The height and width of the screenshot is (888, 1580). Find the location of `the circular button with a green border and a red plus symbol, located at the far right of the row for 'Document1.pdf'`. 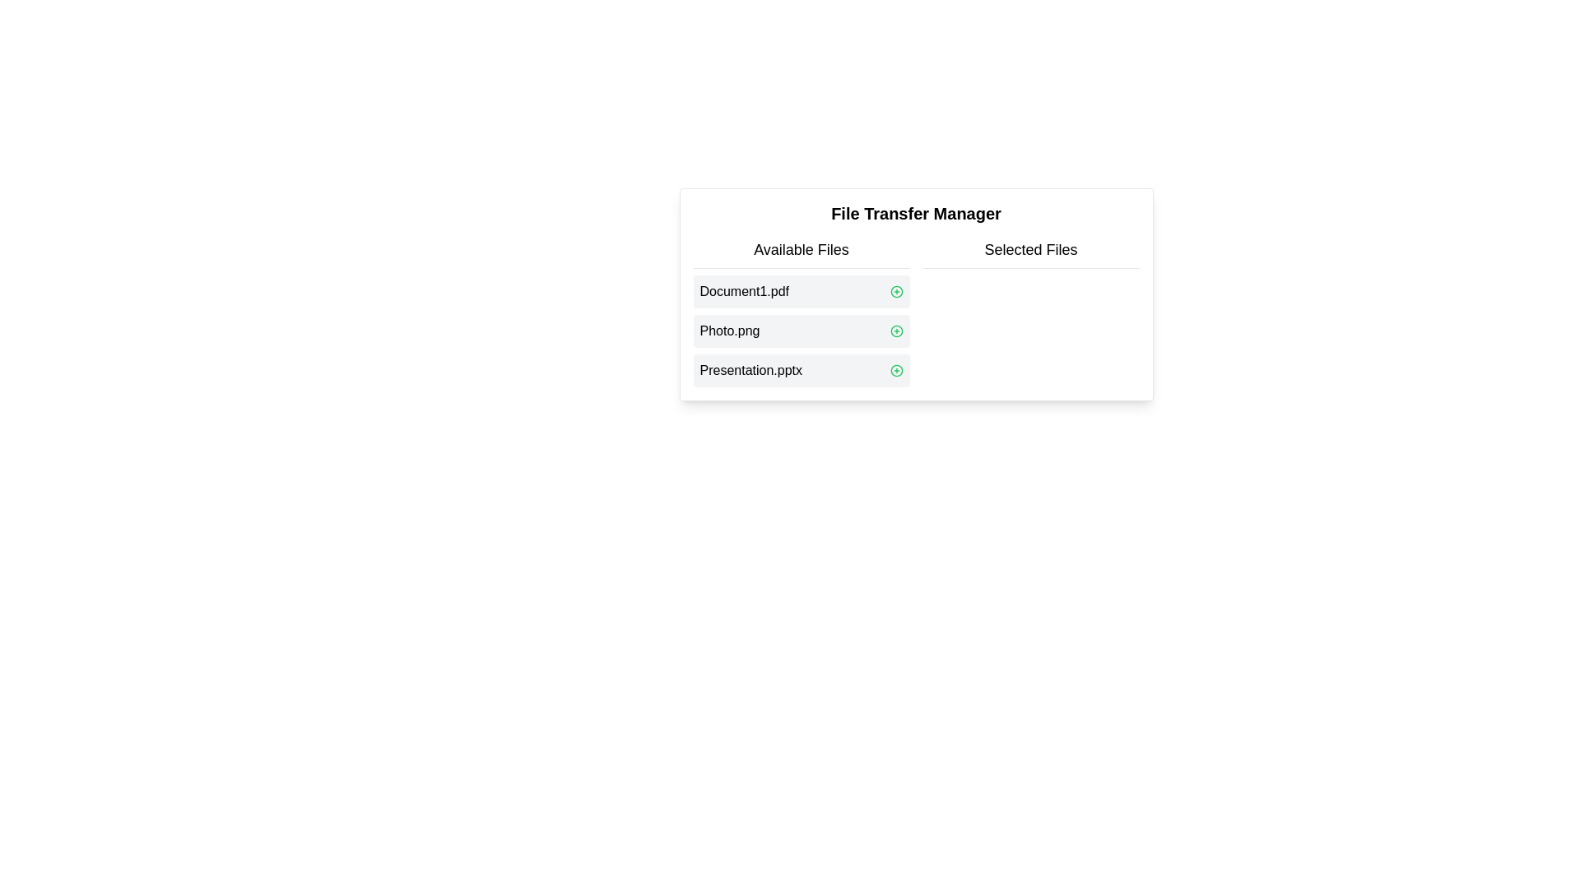

the circular button with a green border and a red plus symbol, located at the far right of the row for 'Document1.pdf' is located at coordinates (895, 290).